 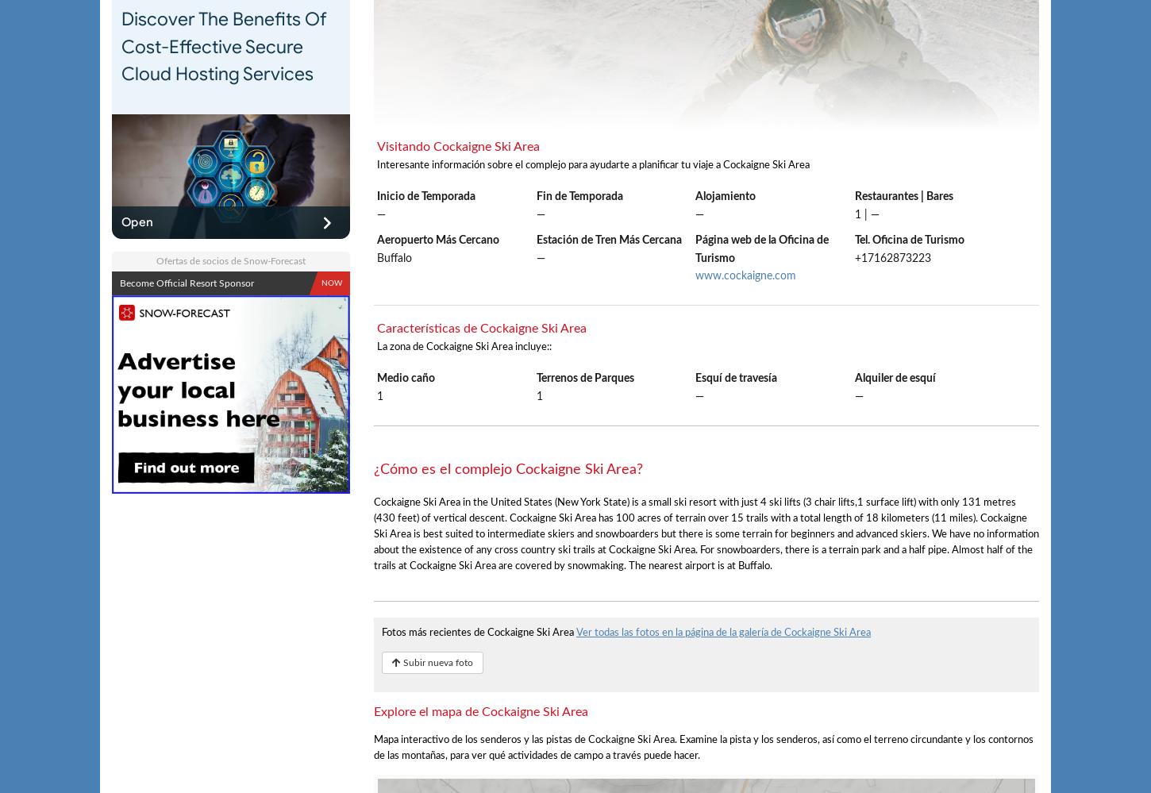 I want to click on 'Página web de la Oficina de Turismo', so click(x=761, y=248).